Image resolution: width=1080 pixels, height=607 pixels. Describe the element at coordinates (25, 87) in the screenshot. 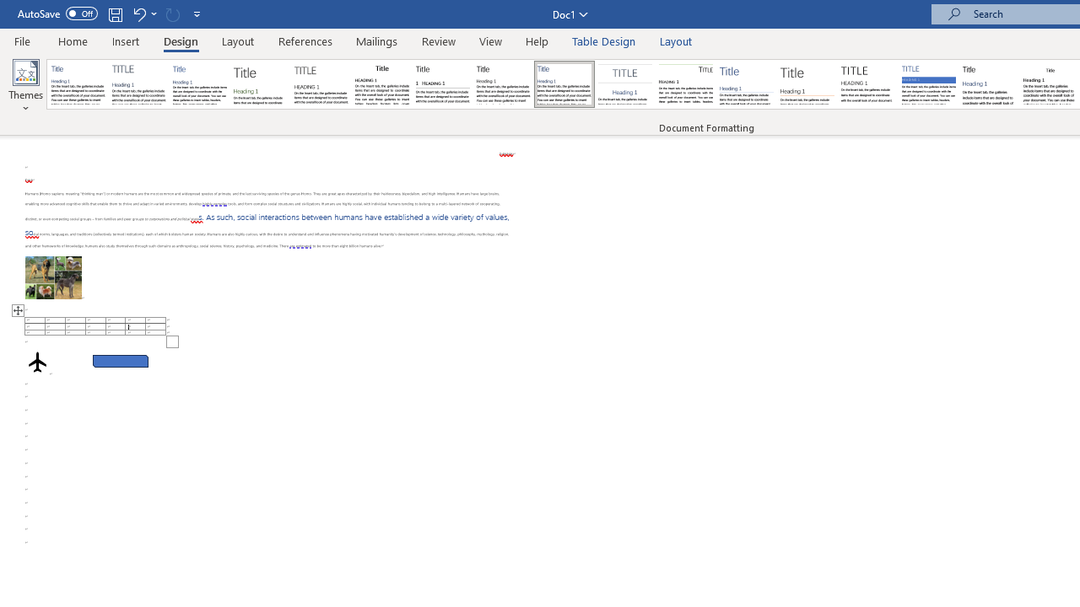

I see `'Themes'` at that location.